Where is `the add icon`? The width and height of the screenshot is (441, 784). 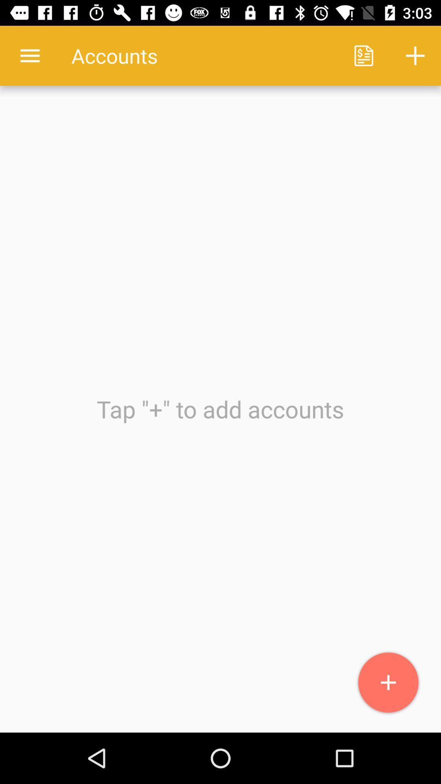 the add icon is located at coordinates (388, 683).